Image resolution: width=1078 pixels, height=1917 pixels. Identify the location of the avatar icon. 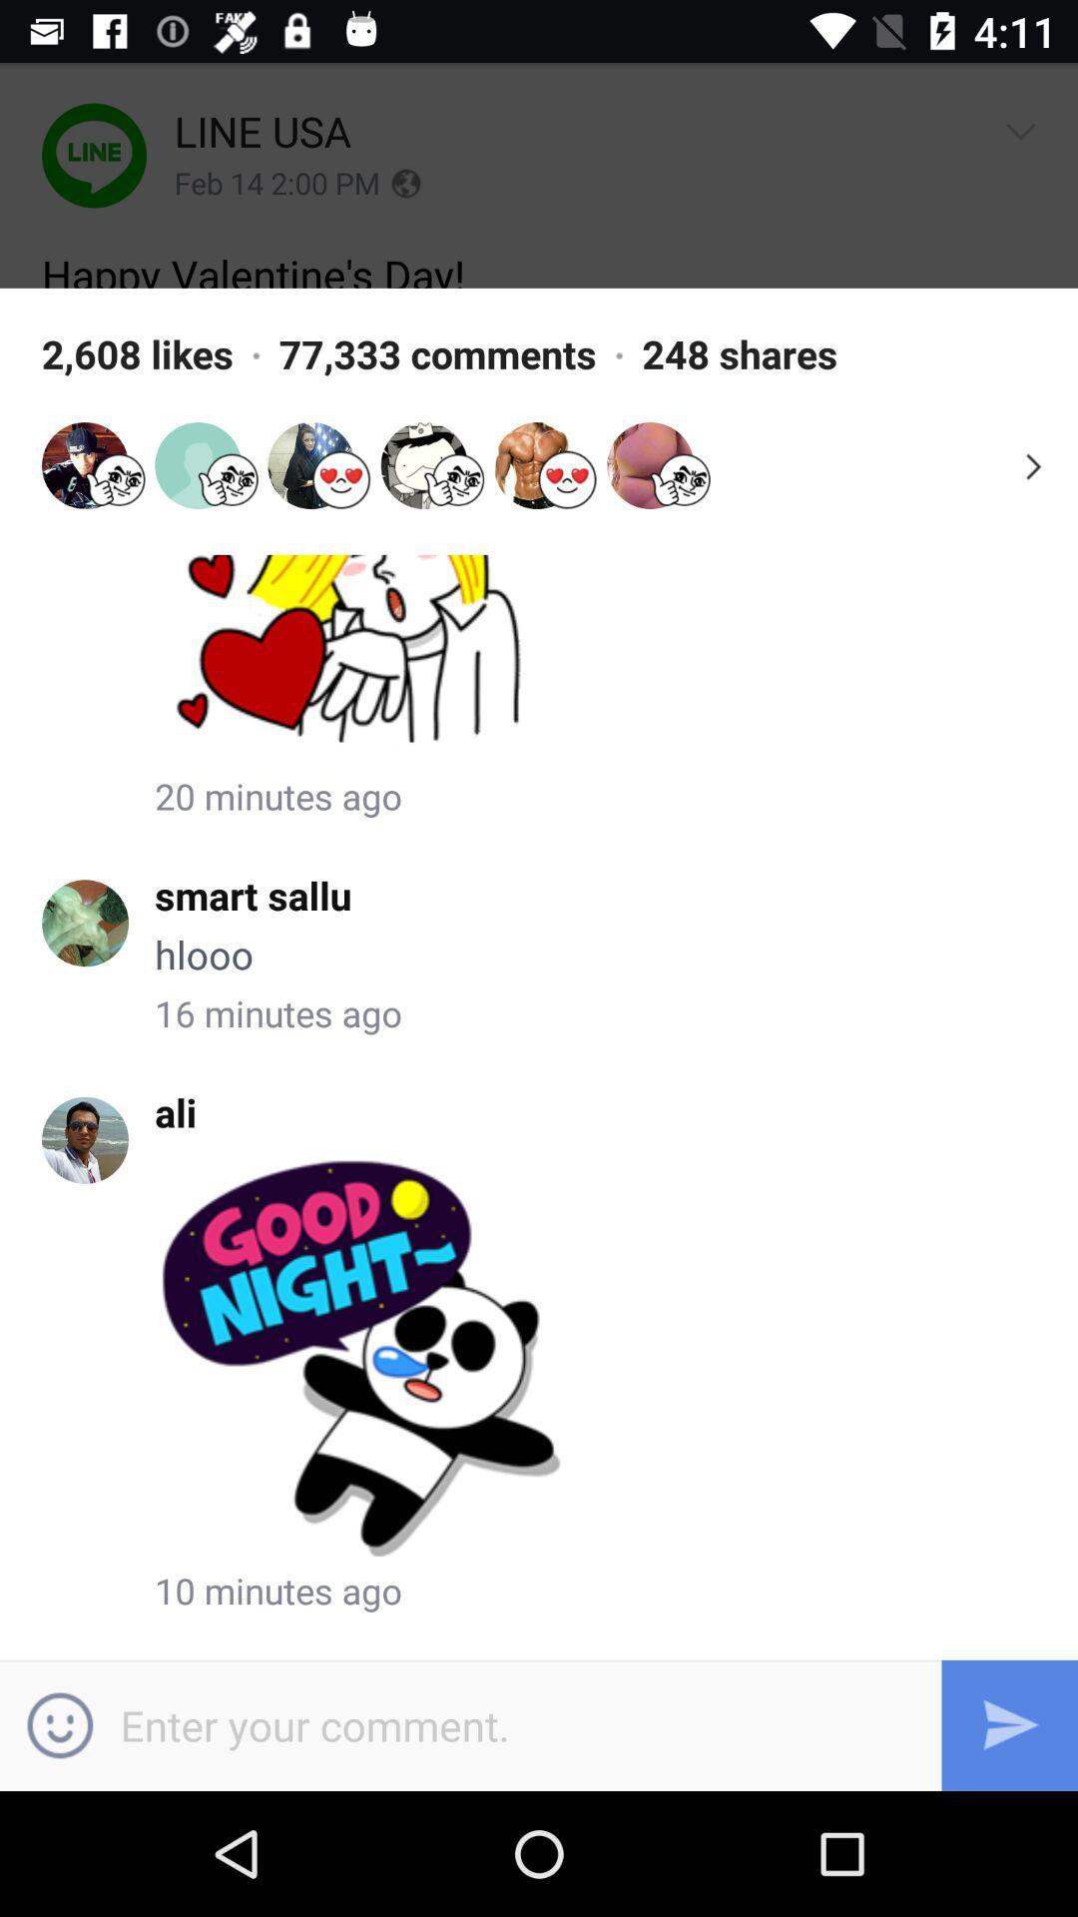
(659, 465).